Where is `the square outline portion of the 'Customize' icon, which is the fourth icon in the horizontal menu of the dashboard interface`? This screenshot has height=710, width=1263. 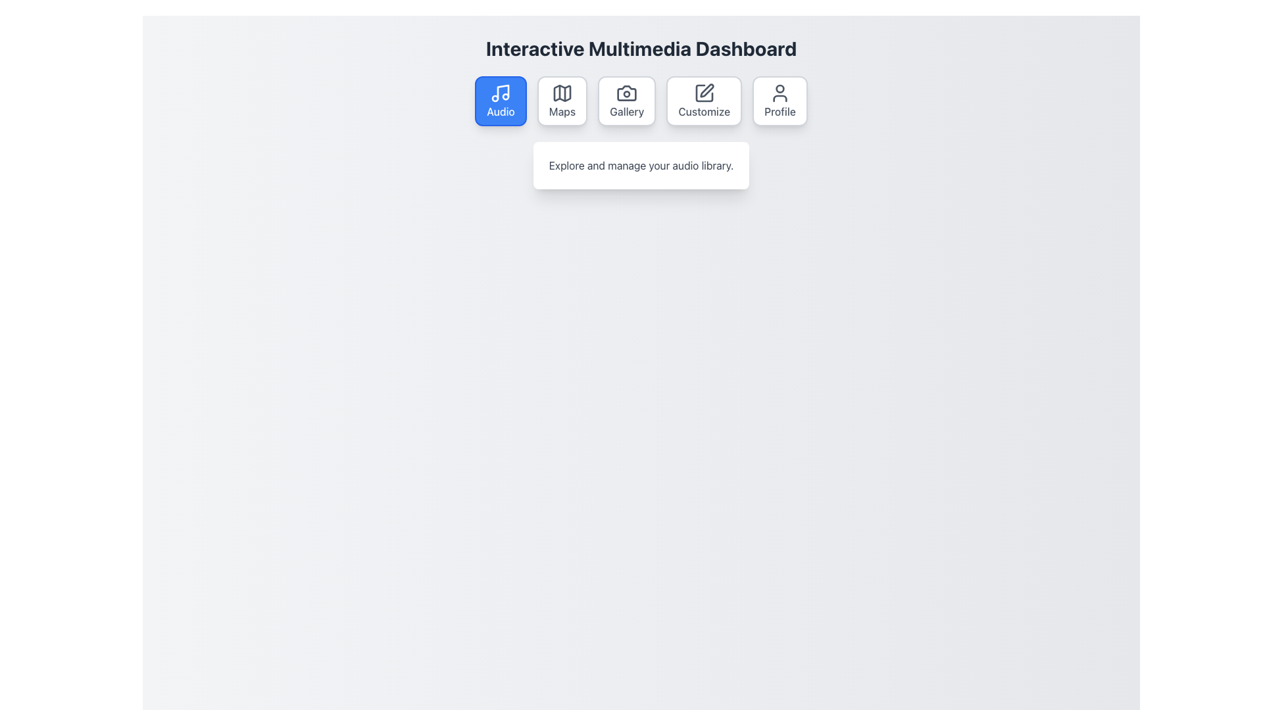 the square outline portion of the 'Customize' icon, which is the fourth icon in the horizontal menu of the dashboard interface is located at coordinates (703, 93).